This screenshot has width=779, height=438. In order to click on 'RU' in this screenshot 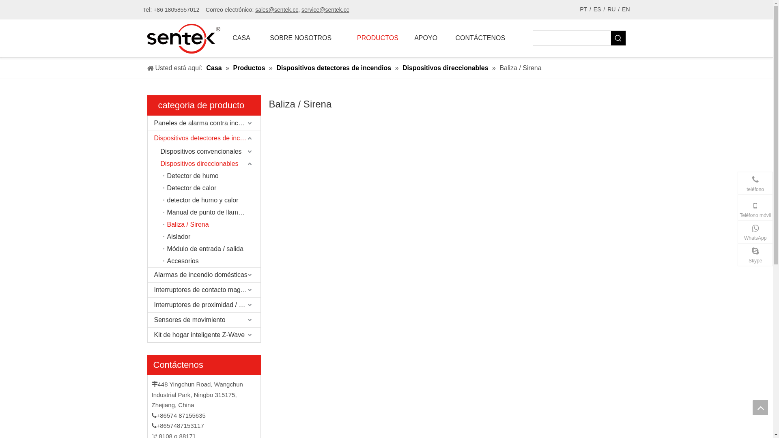, I will do `click(607, 9)`.